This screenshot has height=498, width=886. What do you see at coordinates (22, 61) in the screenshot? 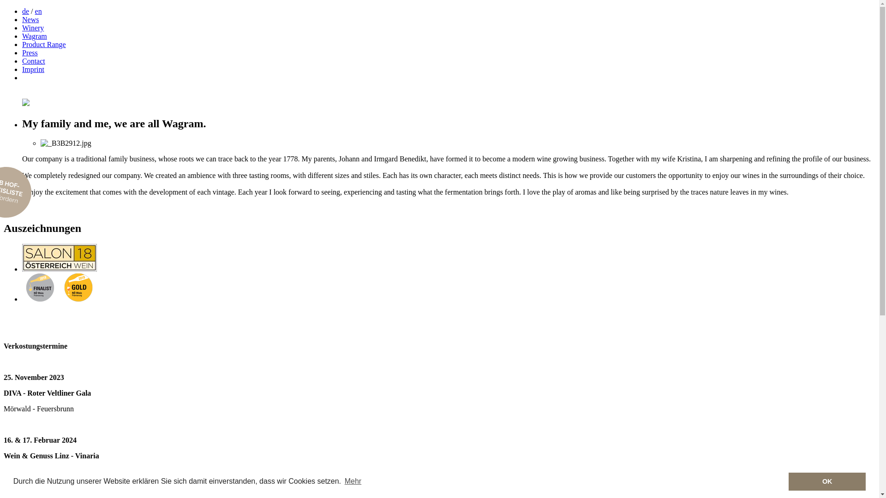
I see `'Contact'` at bounding box center [22, 61].